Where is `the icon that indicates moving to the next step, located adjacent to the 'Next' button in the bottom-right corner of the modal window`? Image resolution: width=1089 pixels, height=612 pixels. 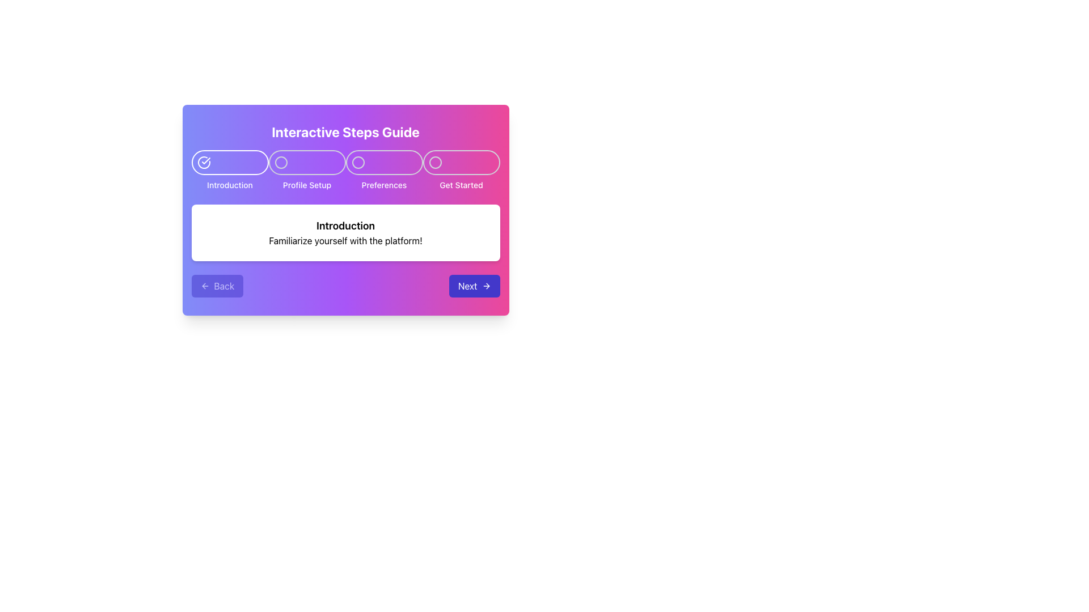
the icon that indicates moving to the next step, located adjacent to the 'Next' button in the bottom-right corner of the modal window is located at coordinates (487, 286).